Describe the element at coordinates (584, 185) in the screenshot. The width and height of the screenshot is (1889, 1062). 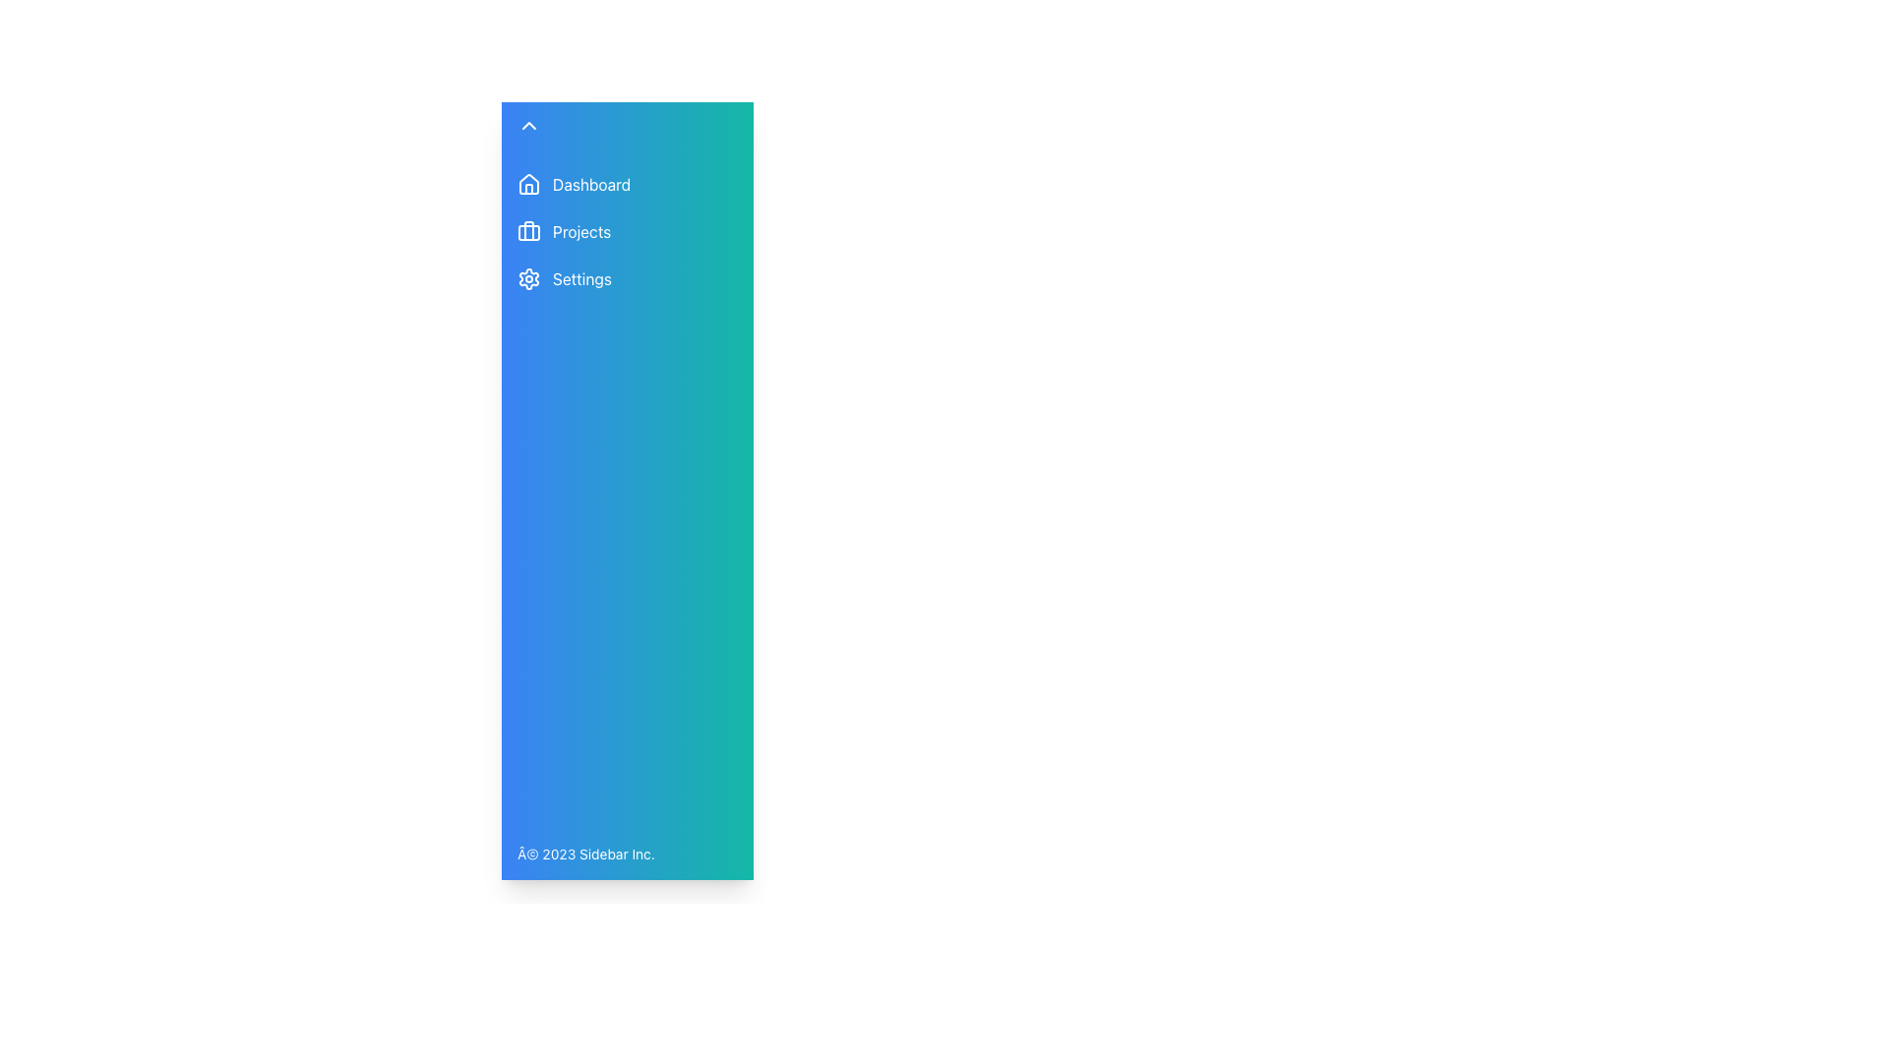
I see `the Navigation Link at the top of the vertical navigation bar` at that location.